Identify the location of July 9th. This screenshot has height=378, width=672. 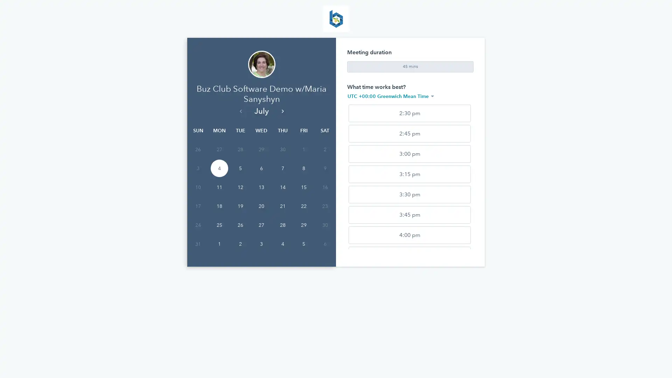
(324, 168).